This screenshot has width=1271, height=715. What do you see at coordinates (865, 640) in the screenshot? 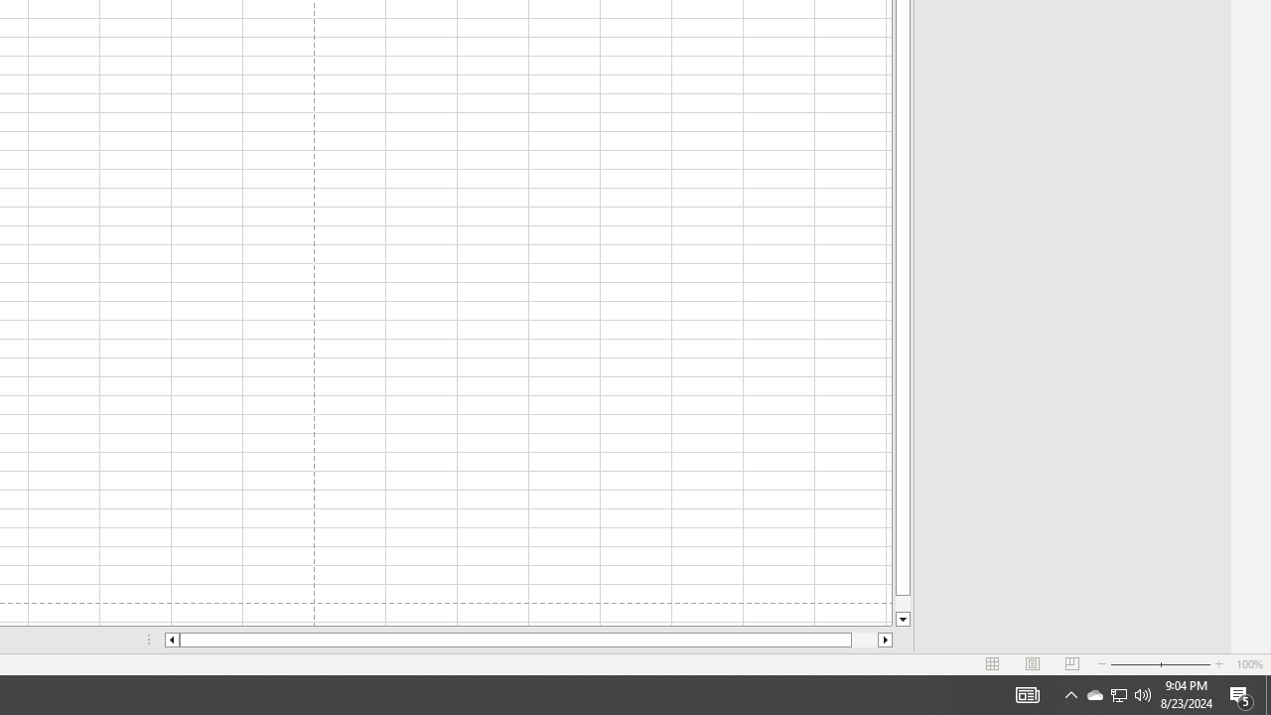
I see `'Page right'` at bounding box center [865, 640].